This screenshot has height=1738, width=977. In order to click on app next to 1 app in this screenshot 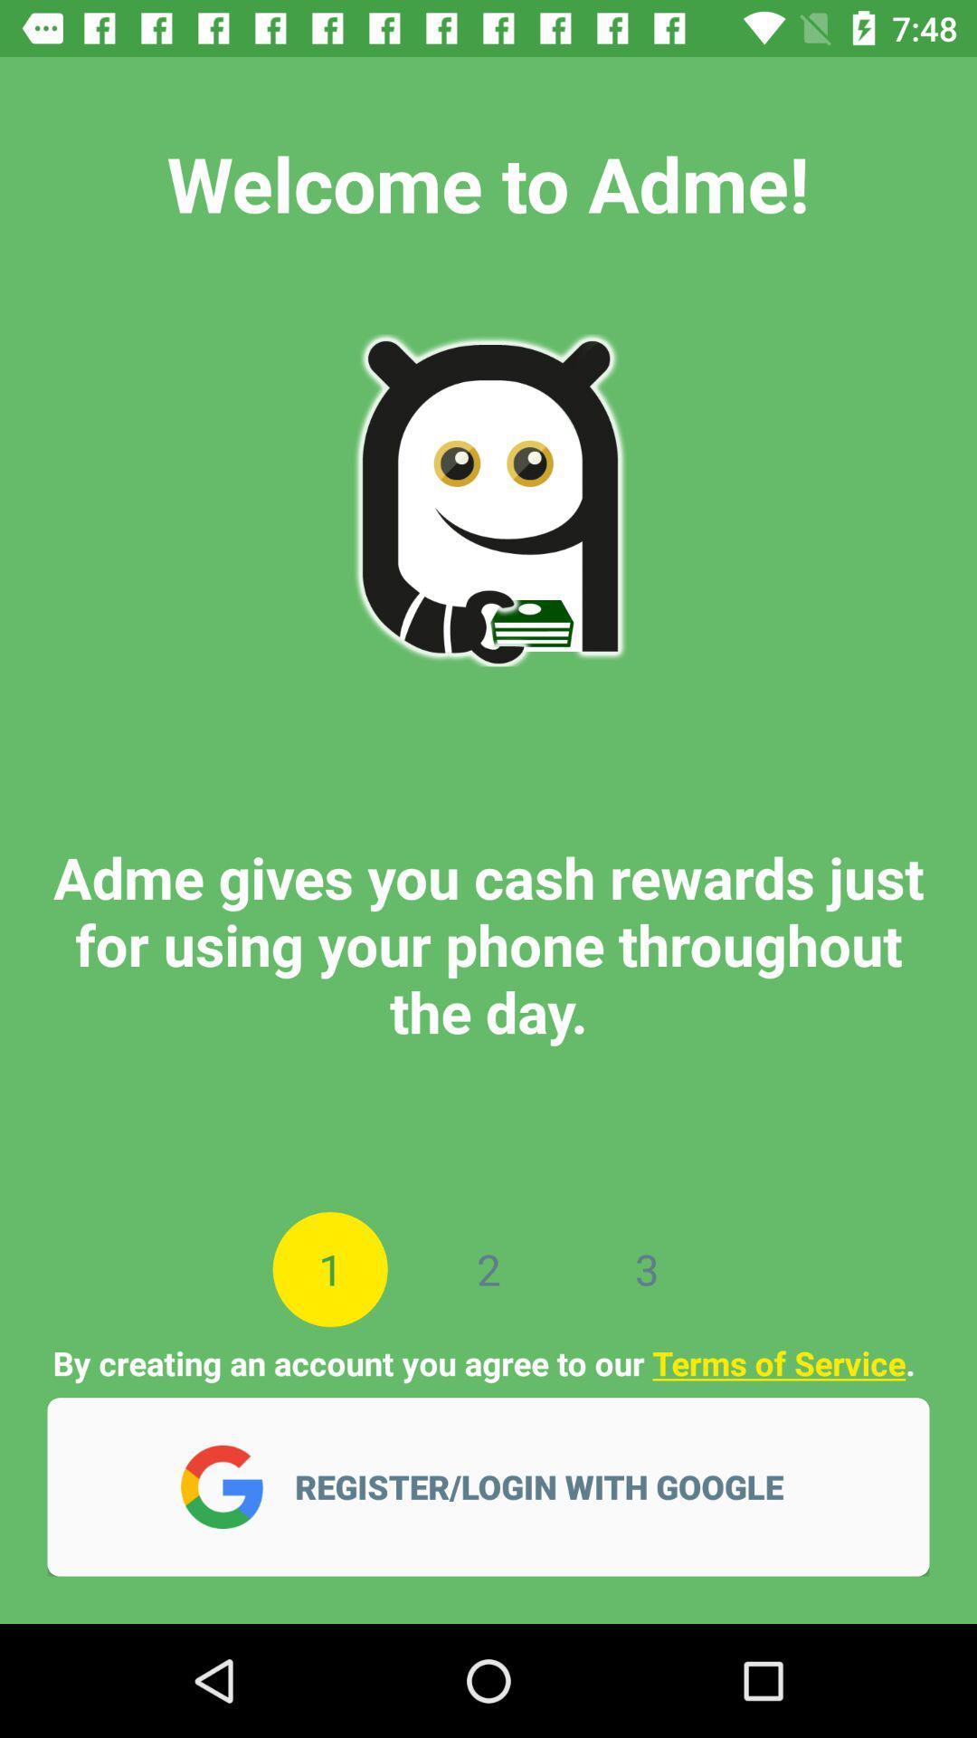, I will do `click(488, 1268)`.